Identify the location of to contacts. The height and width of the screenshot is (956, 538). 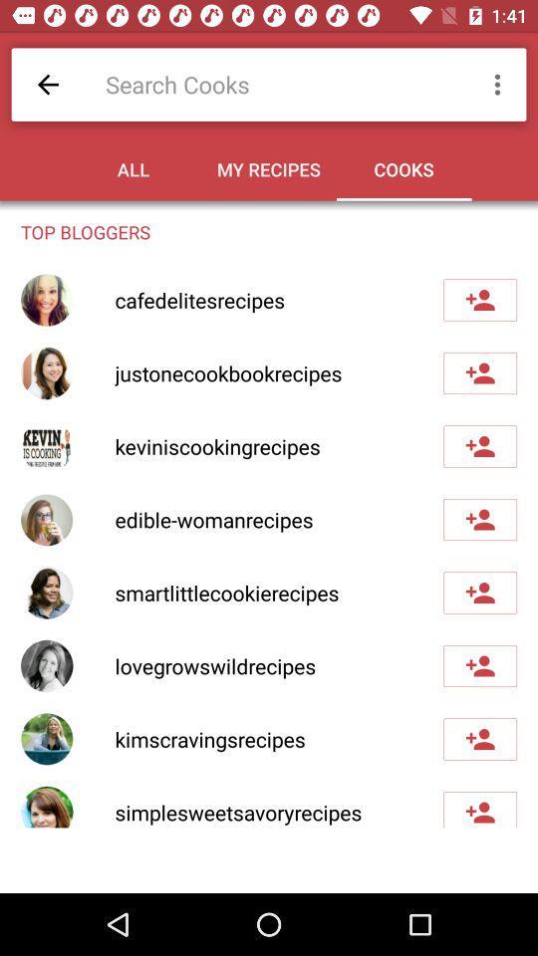
(479, 518).